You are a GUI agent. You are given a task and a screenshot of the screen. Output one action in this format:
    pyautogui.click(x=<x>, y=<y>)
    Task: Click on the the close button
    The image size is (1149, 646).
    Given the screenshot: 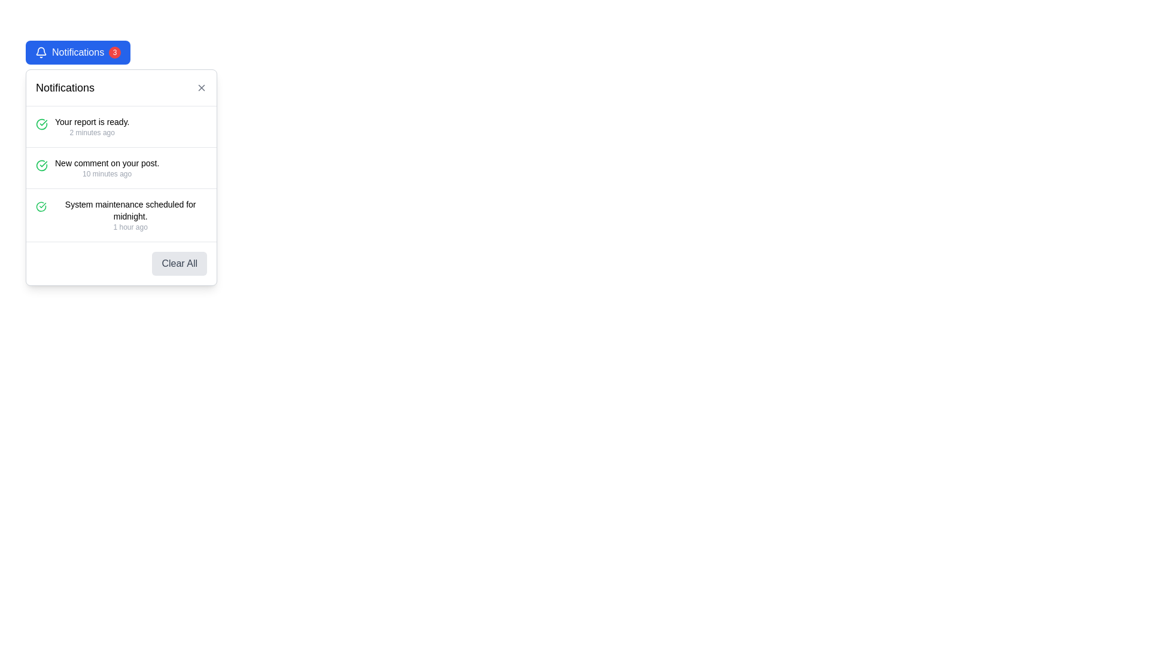 What is the action you would take?
    pyautogui.click(x=201, y=87)
    